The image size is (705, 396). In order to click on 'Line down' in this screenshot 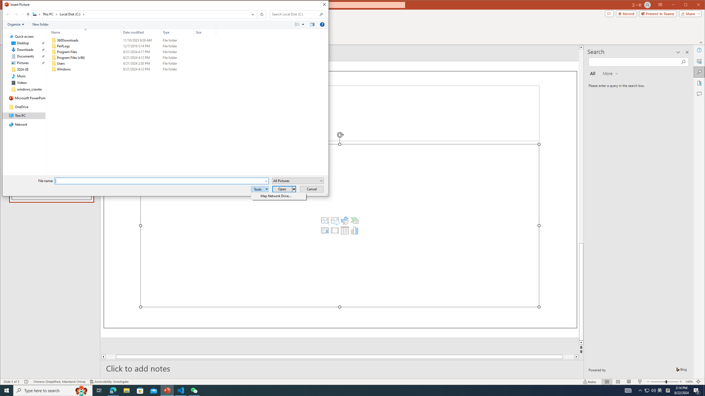, I will do `click(581, 343)`.